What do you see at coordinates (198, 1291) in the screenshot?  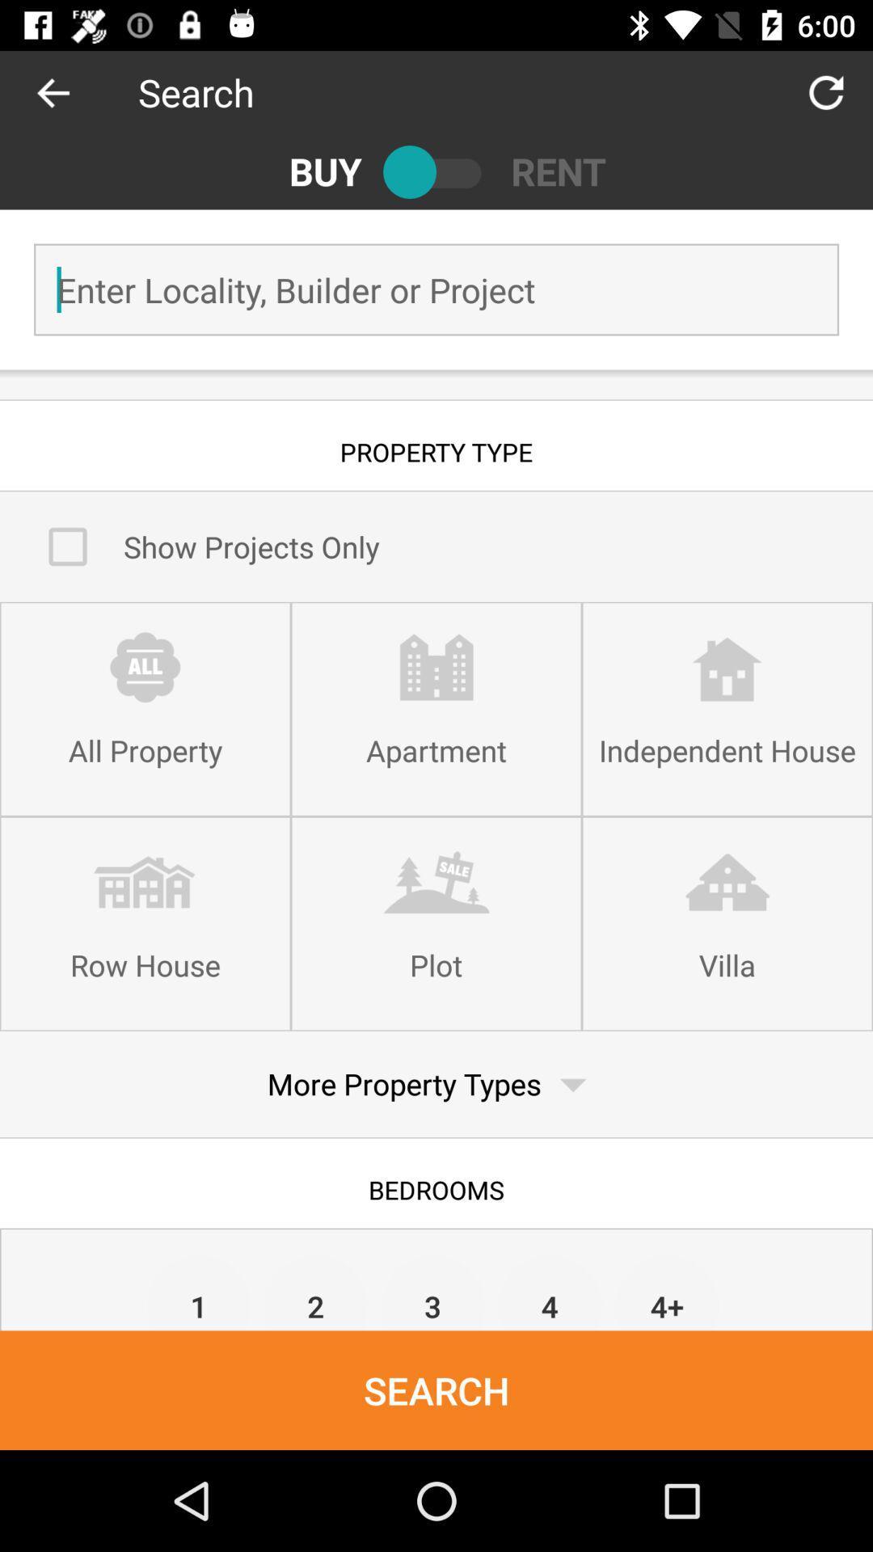 I see `the icon at the bottom left corner` at bounding box center [198, 1291].